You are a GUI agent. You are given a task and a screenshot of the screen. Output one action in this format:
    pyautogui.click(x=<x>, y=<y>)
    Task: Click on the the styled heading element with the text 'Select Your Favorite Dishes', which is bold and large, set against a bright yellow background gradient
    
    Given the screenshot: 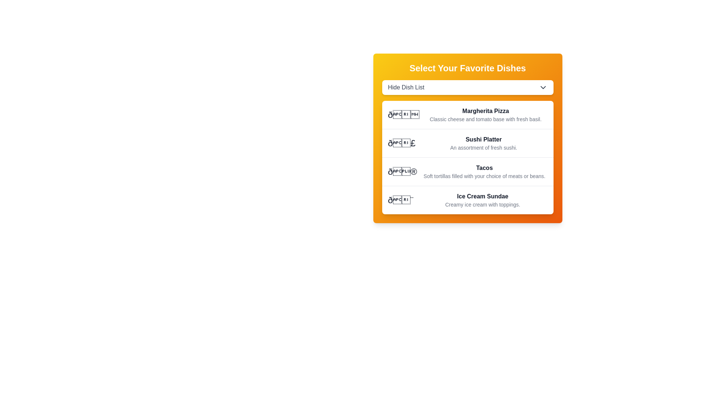 What is the action you would take?
    pyautogui.click(x=467, y=68)
    